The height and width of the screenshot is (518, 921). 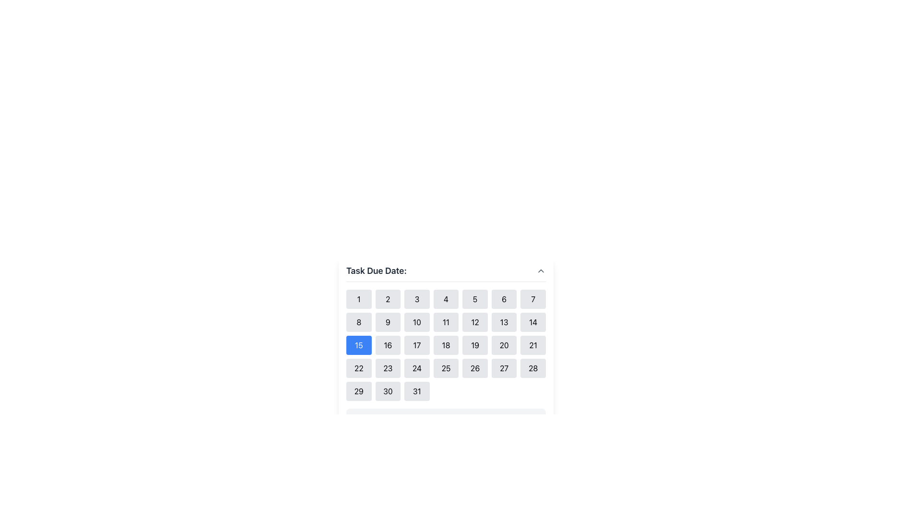 What do you see at coordinates (417, 299) in the screenshot?
I see `the button representing the selectable date in the calendar interface` at bounding box center [417, 299].